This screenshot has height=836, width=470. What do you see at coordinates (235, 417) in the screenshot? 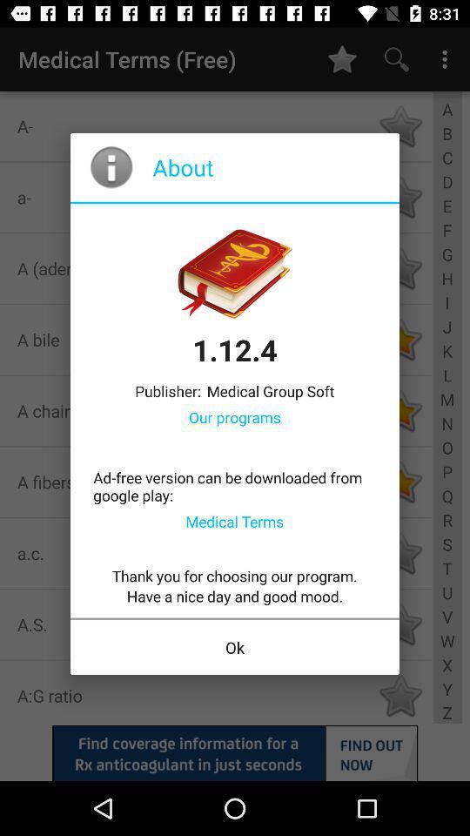
I see `icon below publisher: item` at bounding box center [235, 417].